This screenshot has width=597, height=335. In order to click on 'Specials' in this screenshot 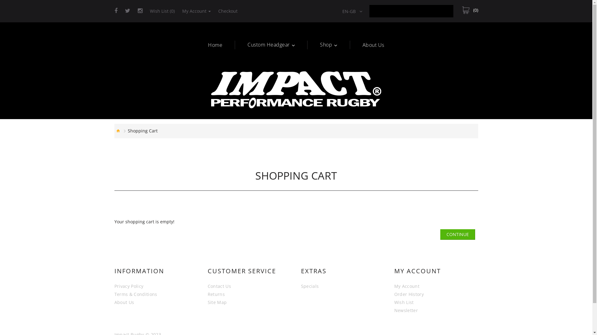, I will do `click(310, 286)`.